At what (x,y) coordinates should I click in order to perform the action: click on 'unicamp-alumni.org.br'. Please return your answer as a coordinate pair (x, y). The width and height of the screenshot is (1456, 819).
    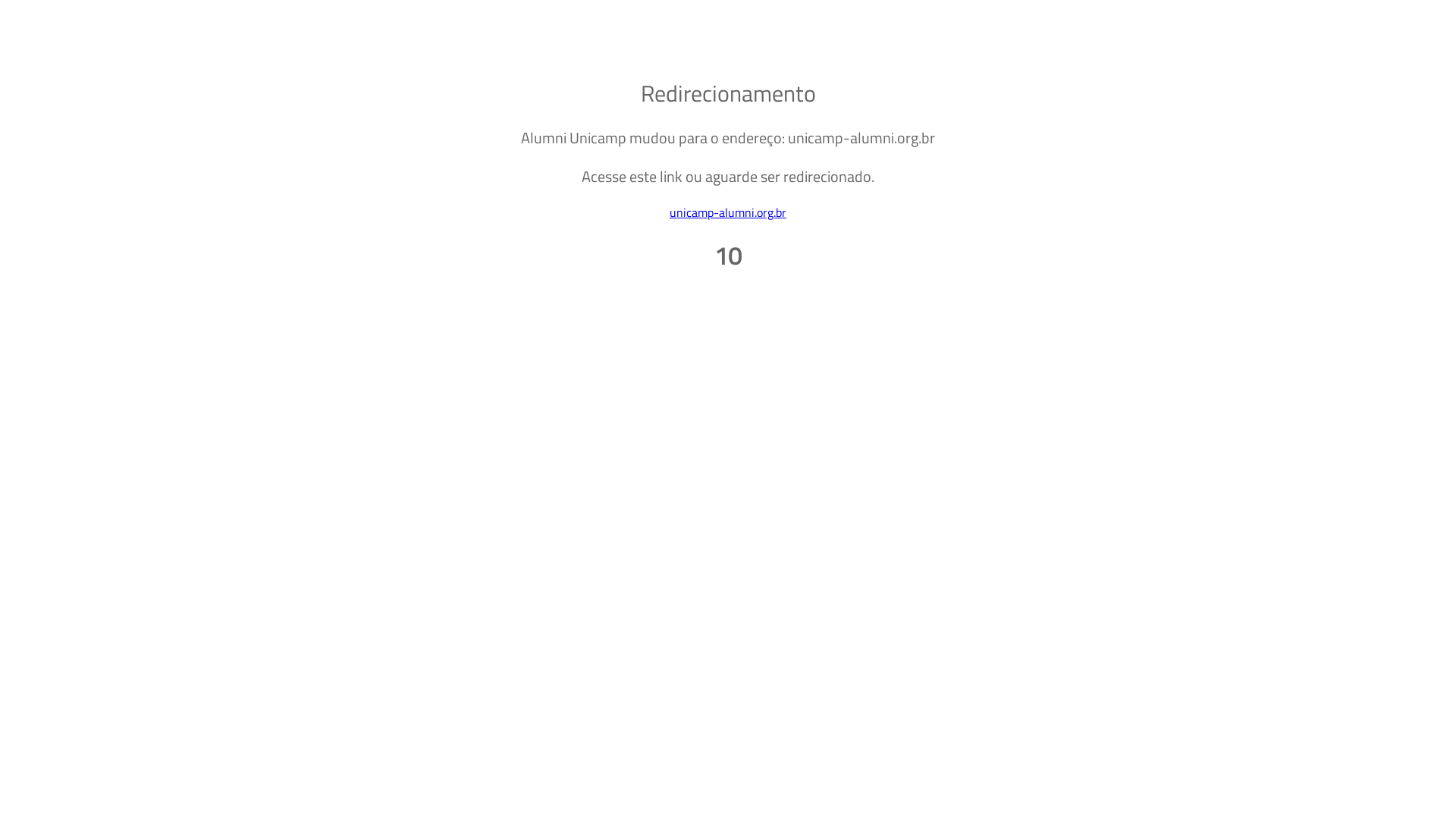
    Looking at the image, I should click on (728, 212).